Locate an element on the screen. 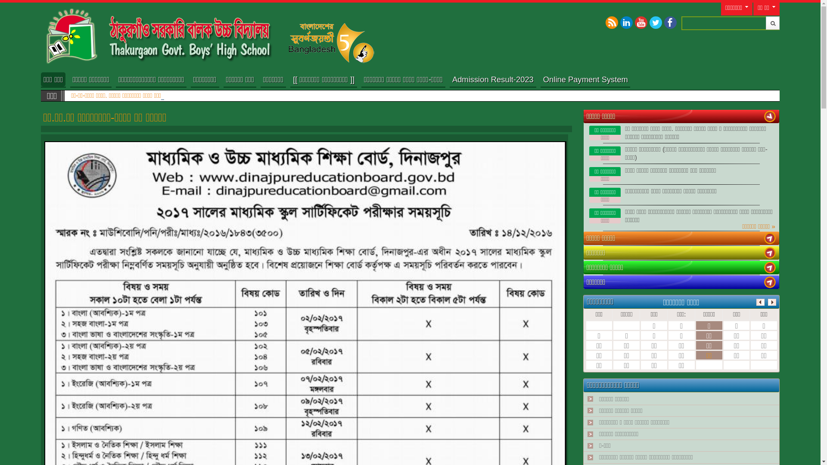 The width and height of the screenshot is (827, 465). 'Admission Result-2023' is located at coordinates (493, 80).